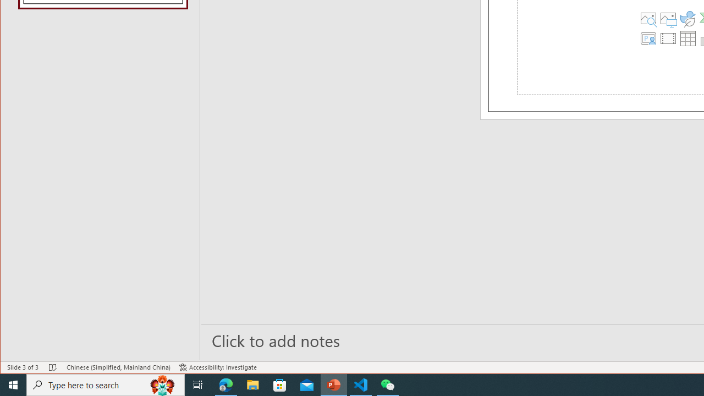  What do you see at coordinates (226, 384) in the screenshot?
I see `'Microsoft Edge - 1 running window'` at bounding box center [226, 384].